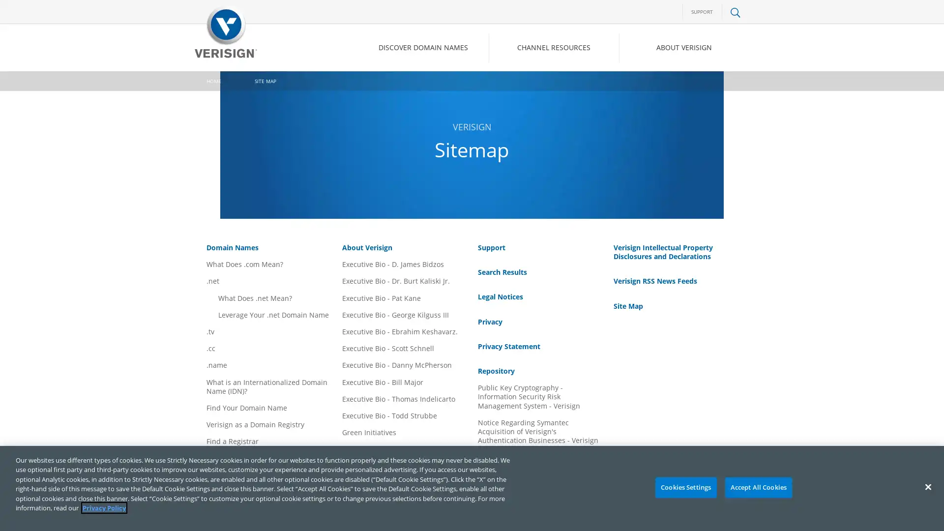  Describe the element at coordinates (758, 487) in the screenshot. I see `Accept All Cookies` at that location.